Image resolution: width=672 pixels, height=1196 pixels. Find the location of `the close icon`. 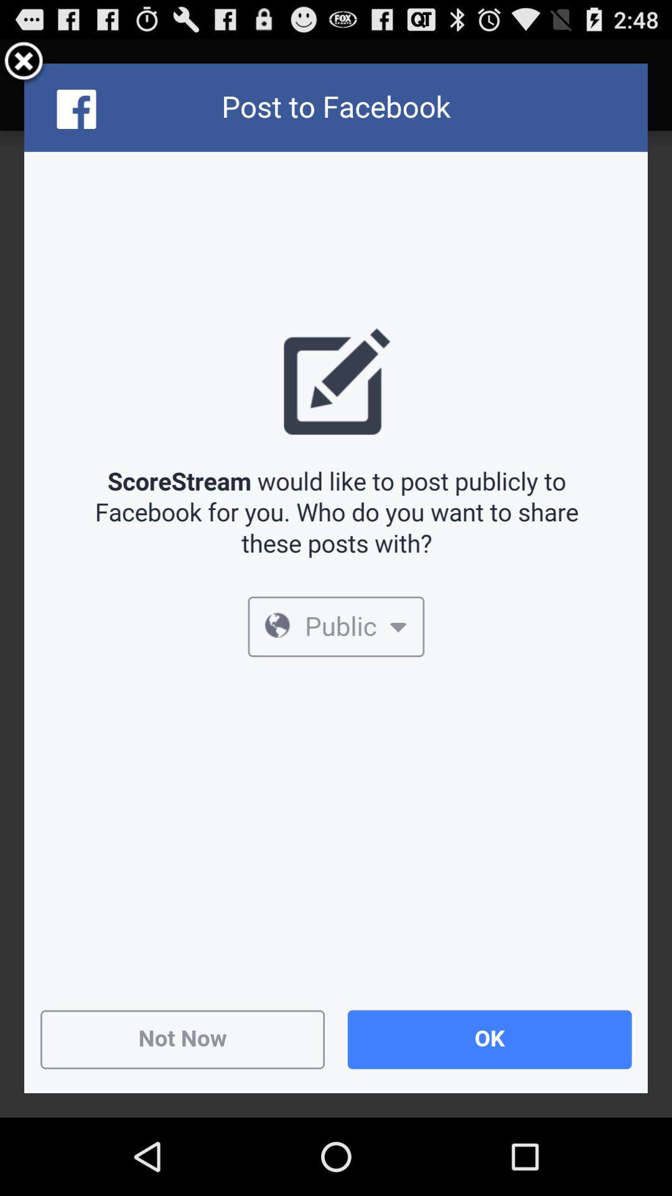

the close icon is located at coordinates (24, 67).